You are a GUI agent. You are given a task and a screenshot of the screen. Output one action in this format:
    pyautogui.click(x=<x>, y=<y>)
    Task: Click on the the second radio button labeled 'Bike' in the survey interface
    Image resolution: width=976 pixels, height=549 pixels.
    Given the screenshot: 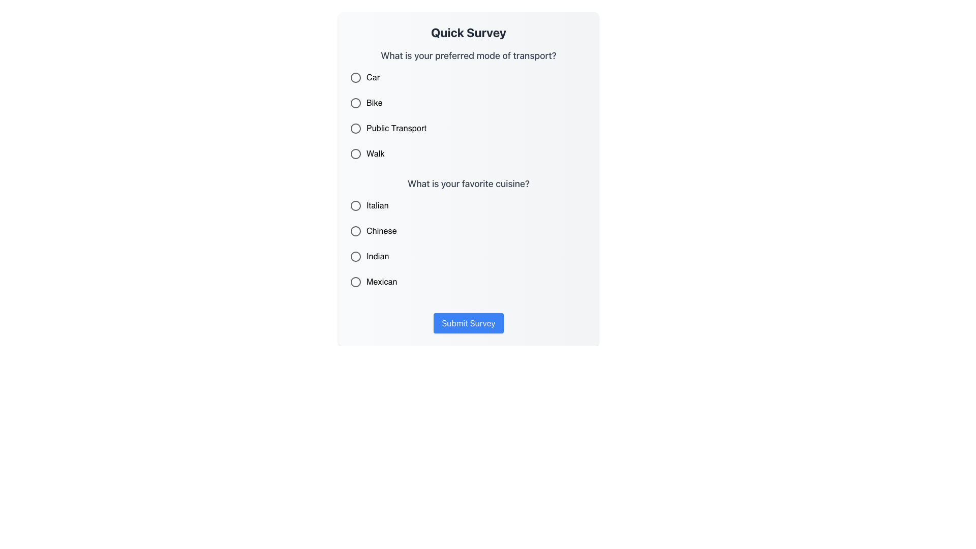 What is the action you would take?
    pyautogui.click(x=356, y=103)
    